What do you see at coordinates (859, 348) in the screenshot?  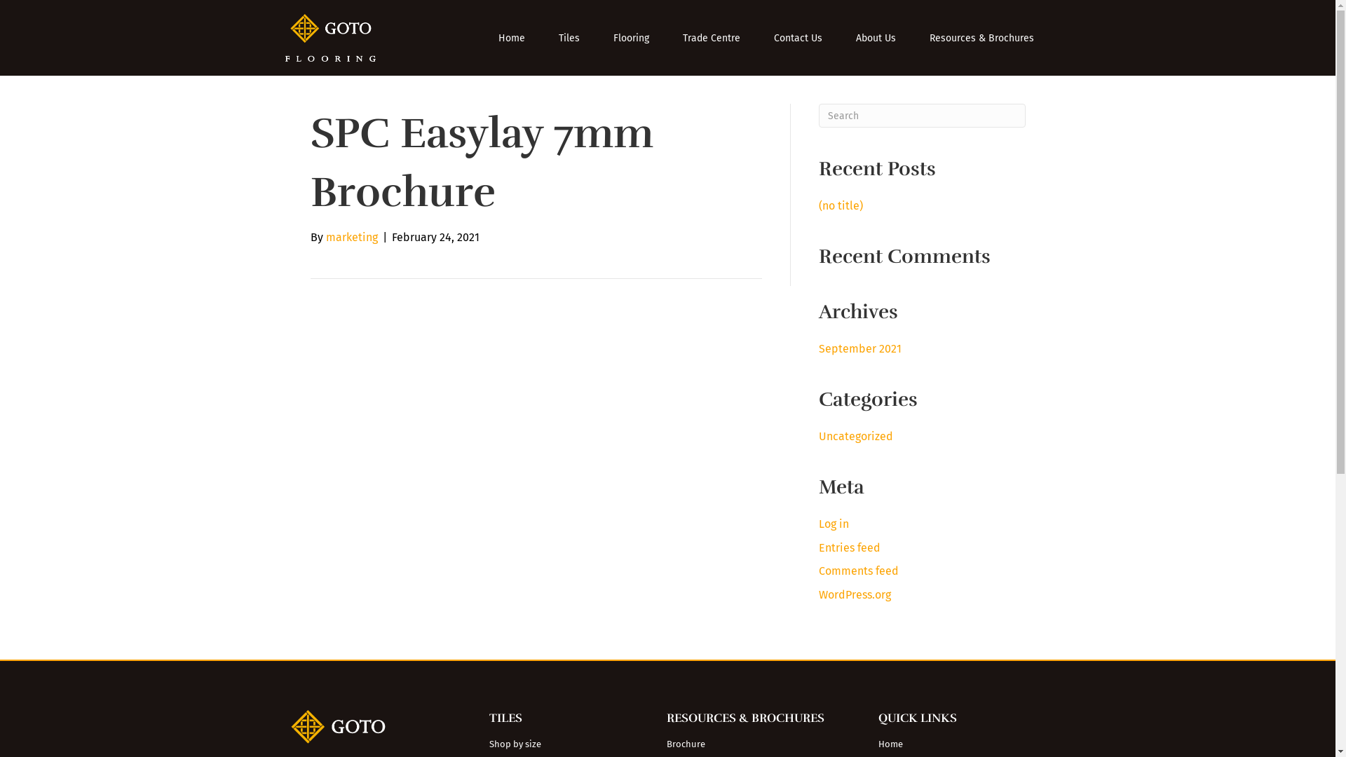 I see `'September 2021'` at bounding box center [859, 348].